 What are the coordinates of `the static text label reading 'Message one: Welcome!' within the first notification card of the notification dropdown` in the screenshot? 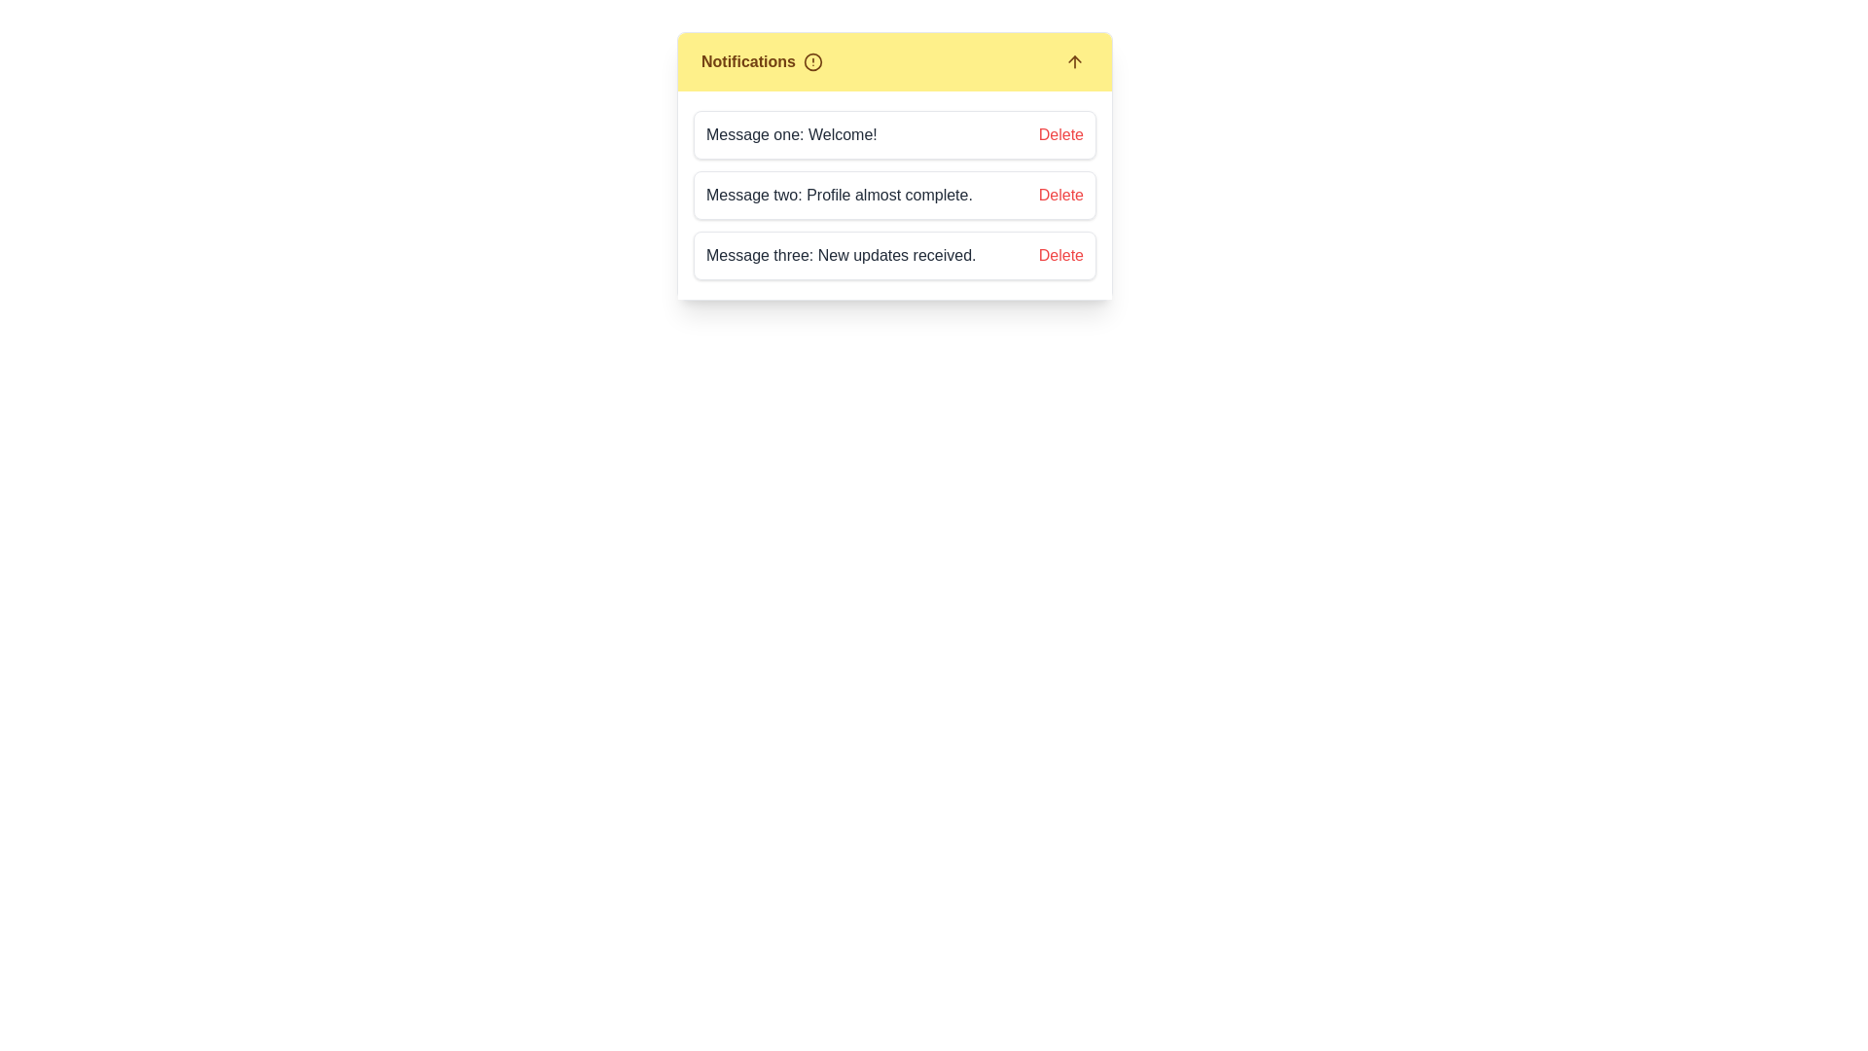 It's located at (795, 133).